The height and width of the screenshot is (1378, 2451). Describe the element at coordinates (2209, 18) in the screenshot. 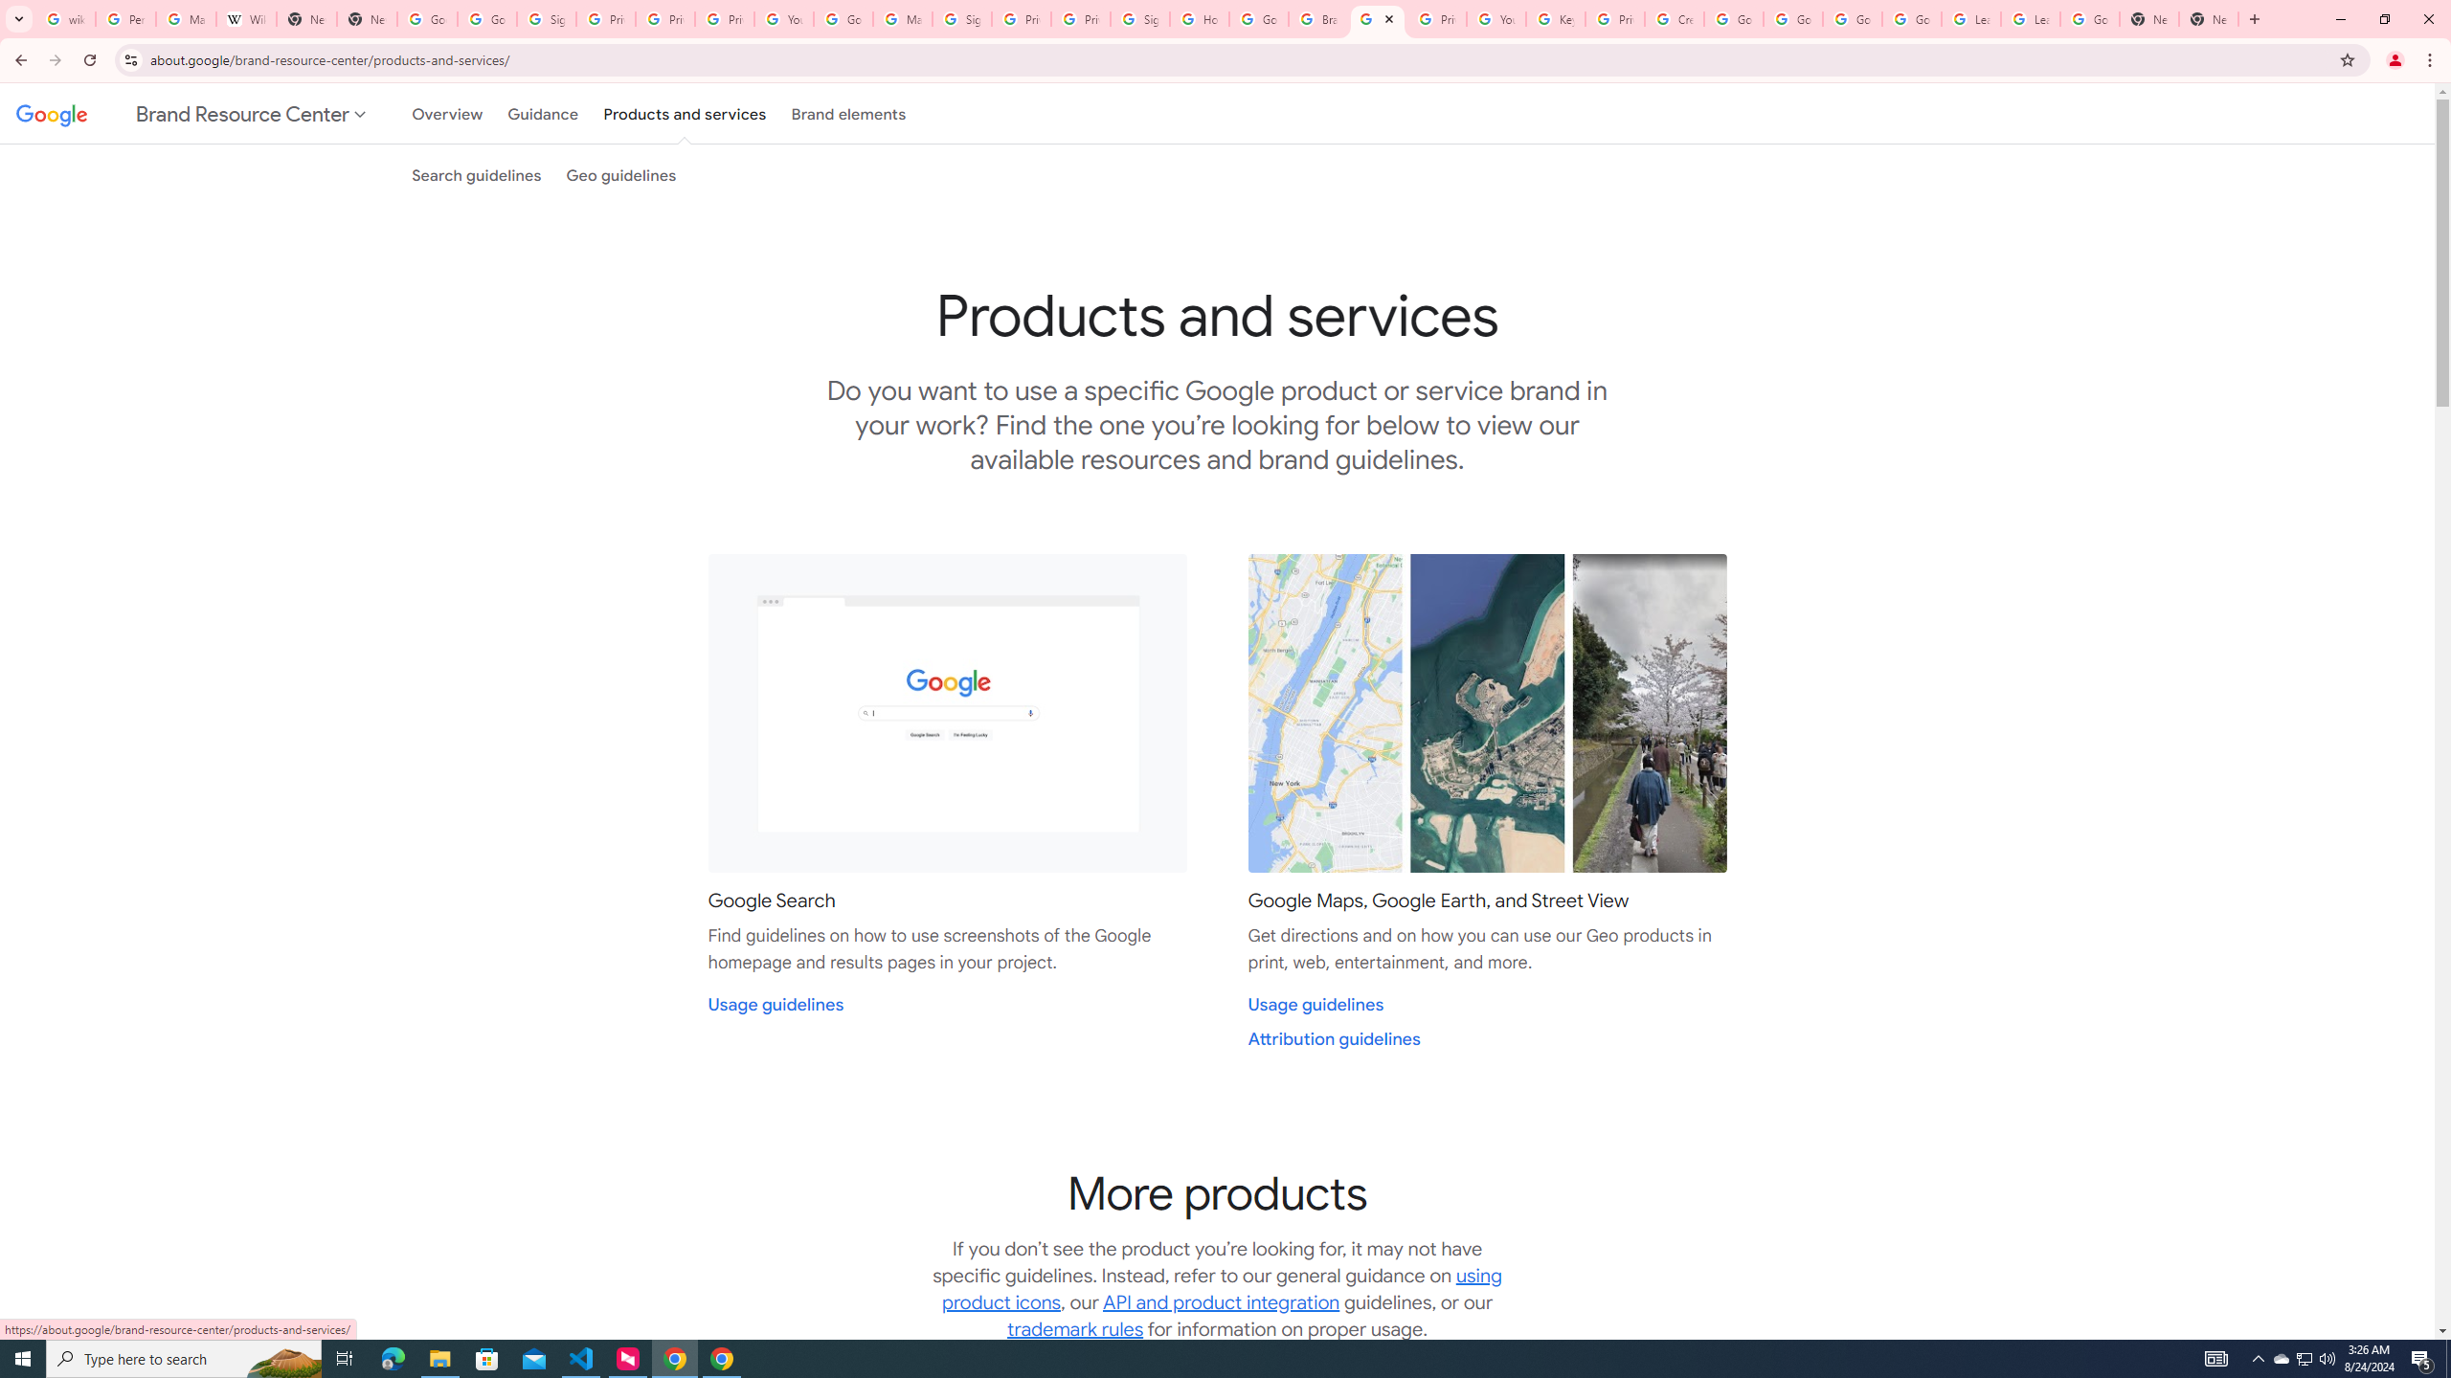

I see `'New Tab'` at that location.